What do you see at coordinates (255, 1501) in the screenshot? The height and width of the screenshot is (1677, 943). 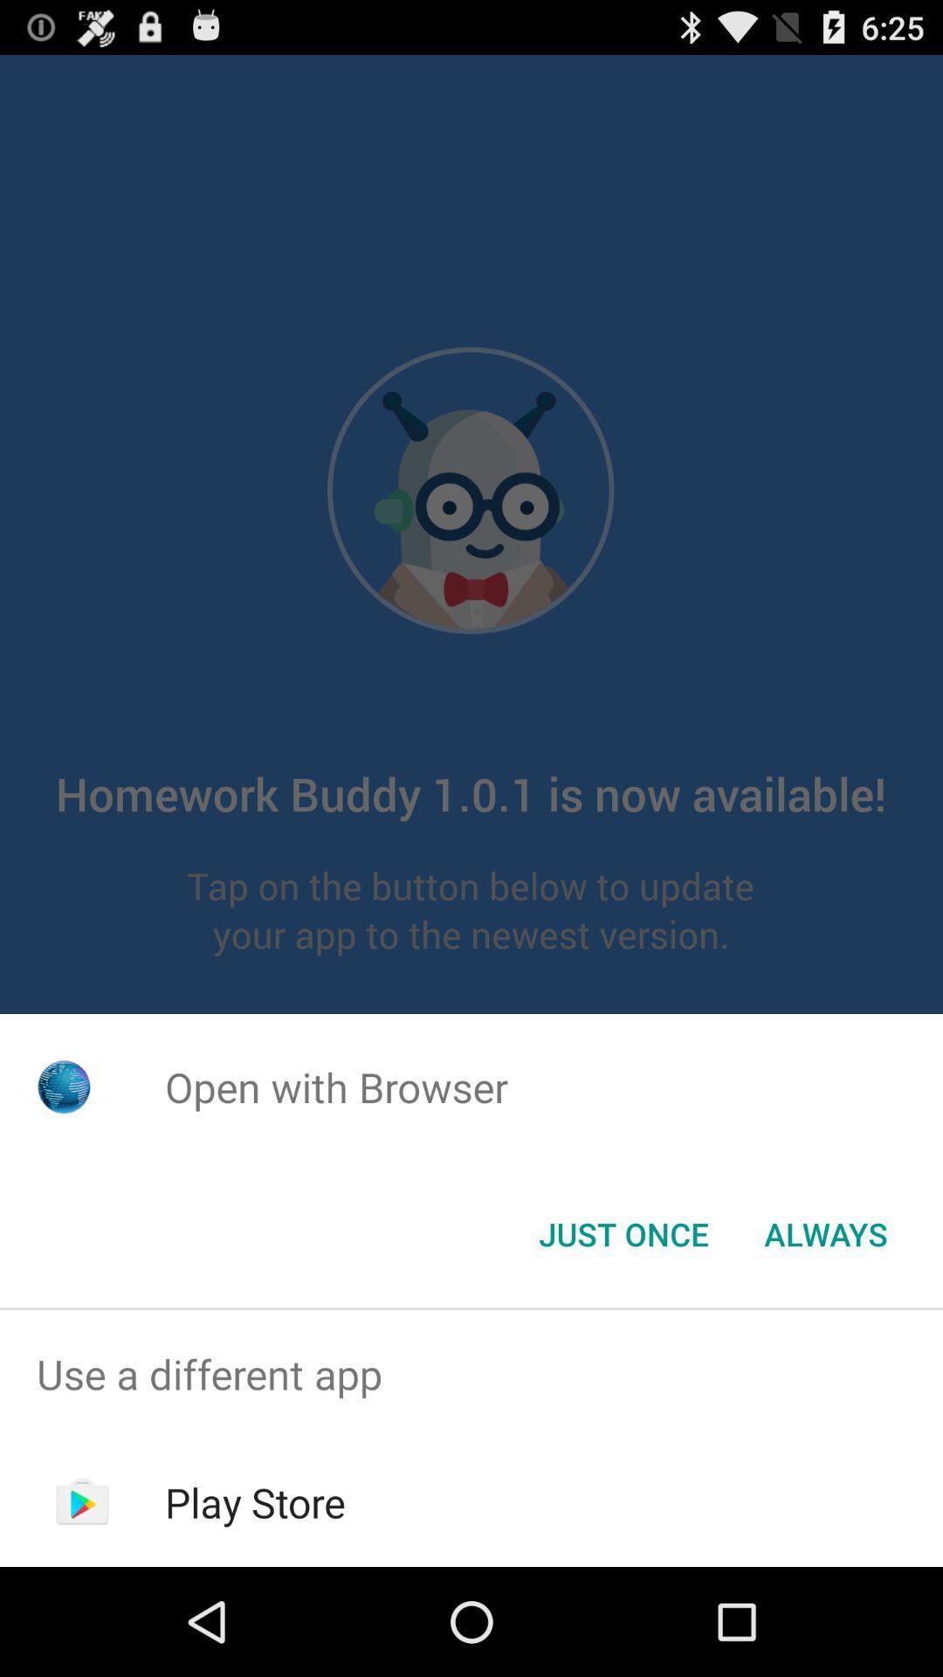 I see `app below the use a different icon` at bounding box center [255, 1501].